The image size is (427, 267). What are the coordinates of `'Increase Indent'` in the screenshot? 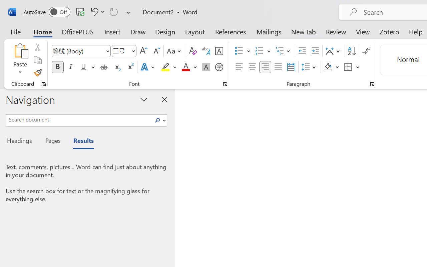 It's located at (315, 51).